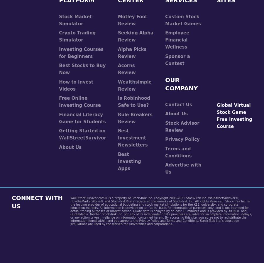 Image resolution: width=264 pixels, height=263 pixels. What do you see at coordinates (129, 161) in the screenshot?
I see `'Best Investing Apps'` at bounding box center [129, 161].